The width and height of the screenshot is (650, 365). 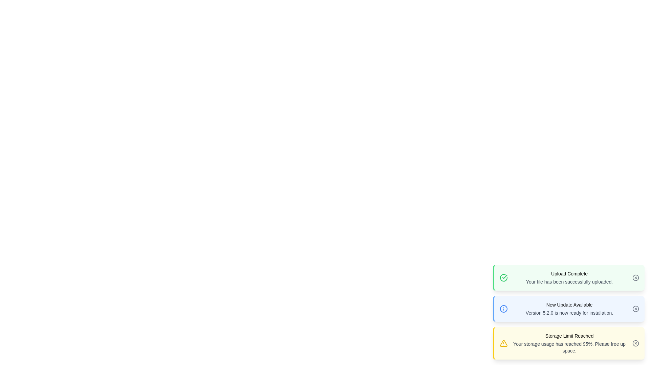 I want to click on notification with the title 'Storage Limit Reached' and the message 'Your storage usage has reached 95%. Please free up space.' located at the bottom of the alert boxes, so click(x=569, y=343).